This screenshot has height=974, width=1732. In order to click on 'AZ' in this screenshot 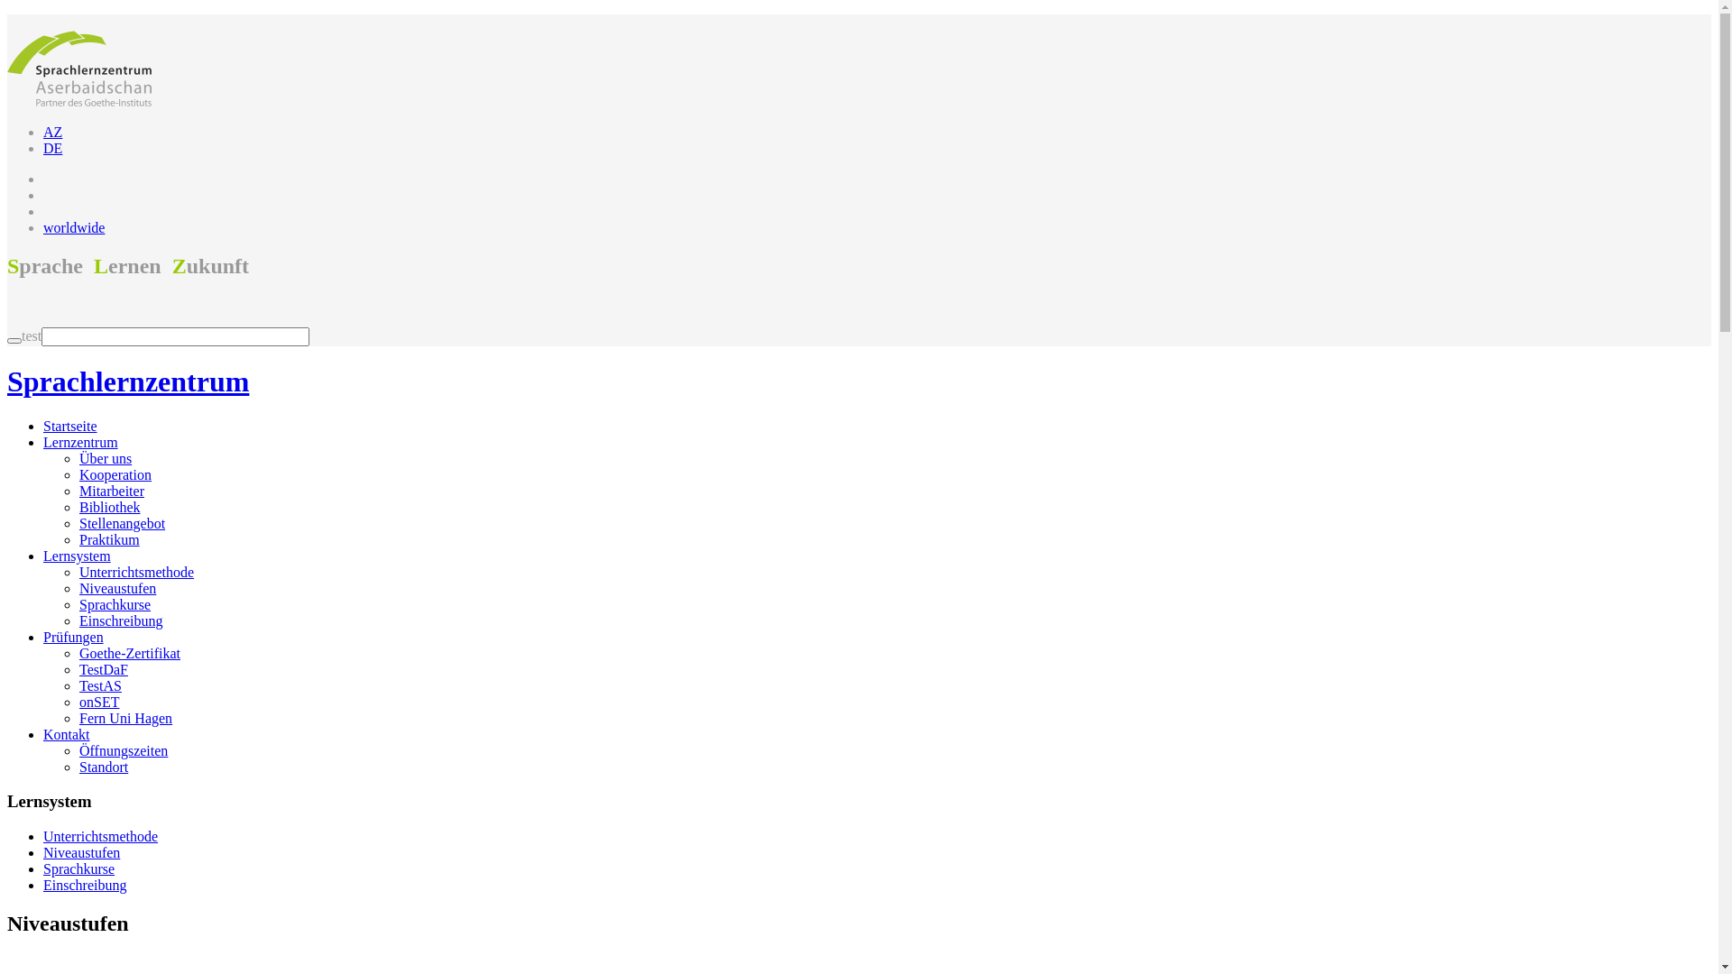, I will do `click(52, 131)`.